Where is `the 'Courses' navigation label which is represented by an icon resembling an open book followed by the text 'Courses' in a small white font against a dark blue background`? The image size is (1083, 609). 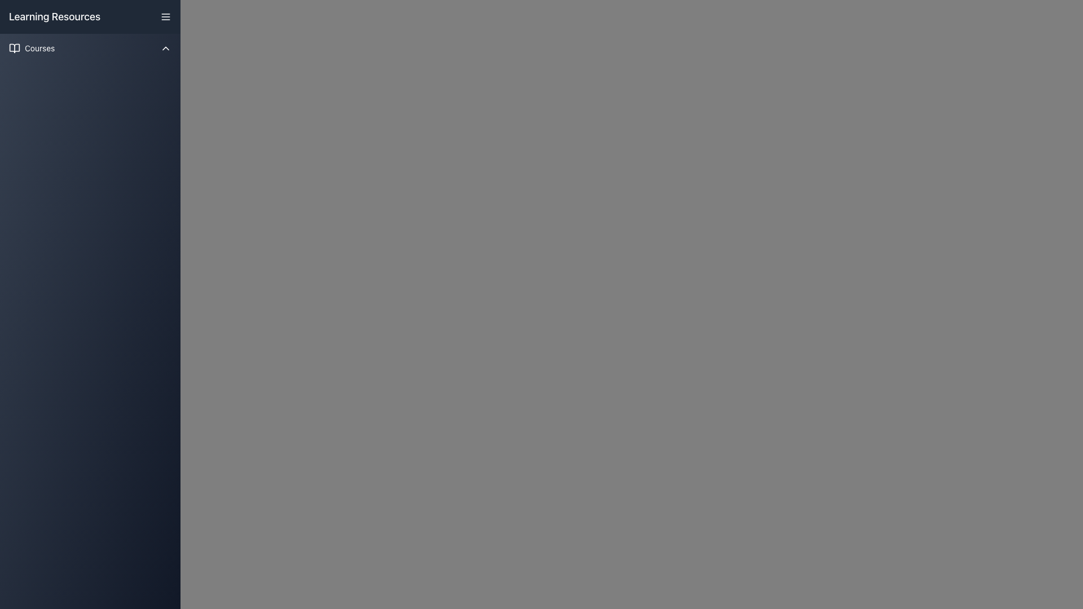
the 'Courses' navigation label which is represented by an icon resembling an open book followed by the text 'Courses' in a small white font against a dark blue background is located at coordinates (32, 47).